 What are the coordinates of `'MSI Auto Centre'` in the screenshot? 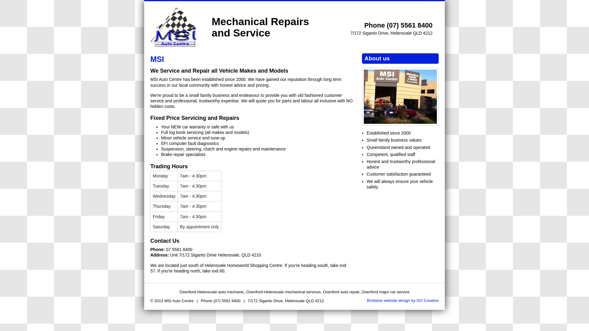 It's located at (173, 27).